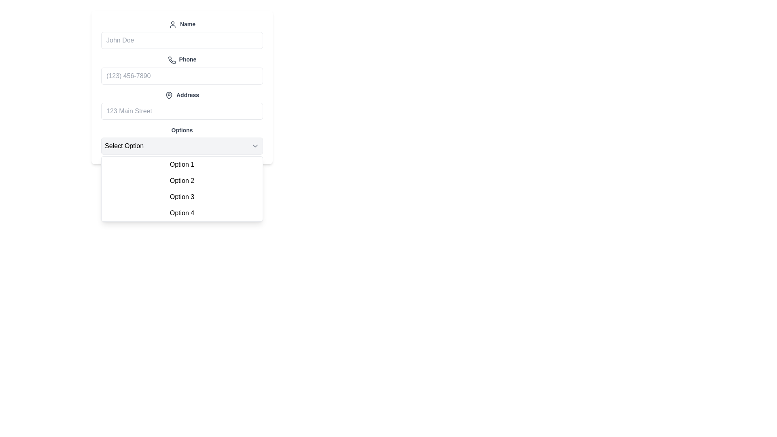 This screenshot has width=777, height=437. Describe the element at coordinates (182, 95) in the screenshot. I see `the label with the text 'Address' which is styled with a bold and smaller font size and accompanied by a map pin icon, located above the '123 Main Street' input field` at that location.